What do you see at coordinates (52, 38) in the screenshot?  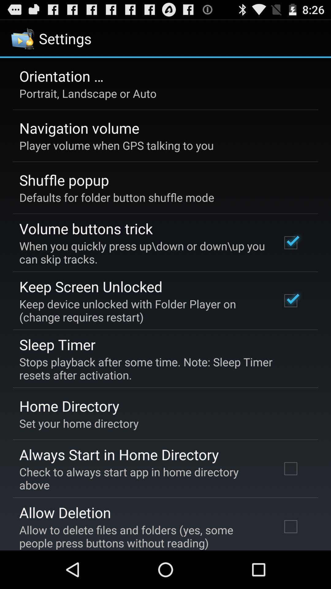 I see `image followed with text settings` at bounding box center [52, 38].